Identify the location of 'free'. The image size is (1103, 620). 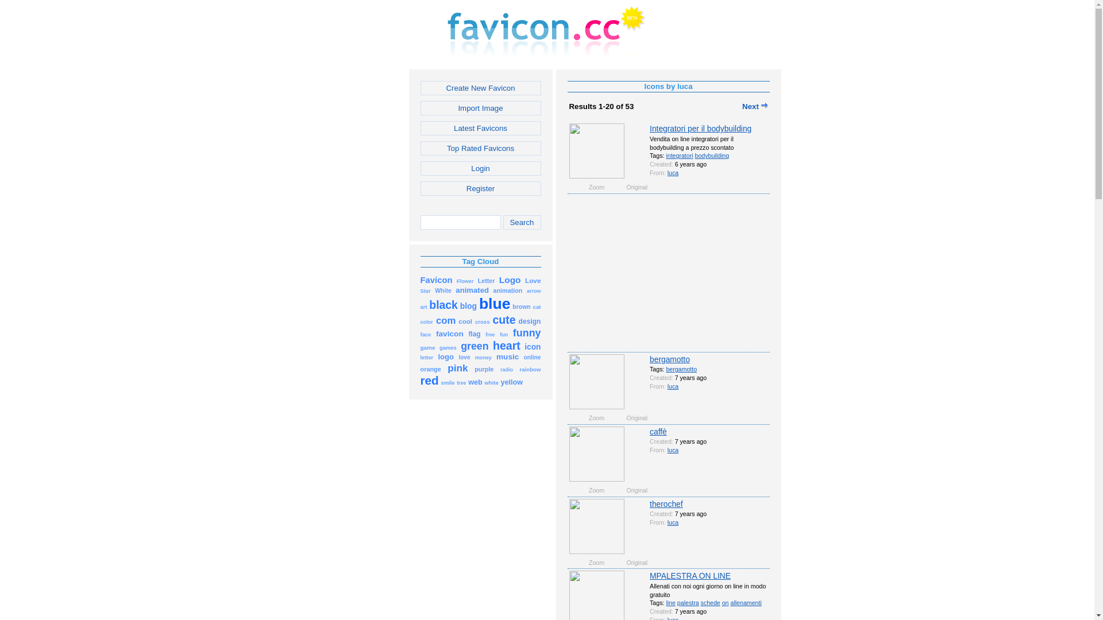
(490, 334).